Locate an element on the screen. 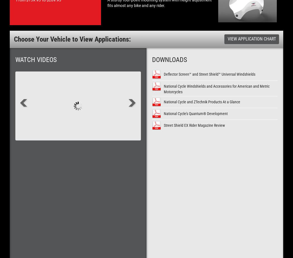 This screenshot has width=293, height=258. 'National Cycle and ZTechnik Products At a Glance' is located at coordinates (201, 102).